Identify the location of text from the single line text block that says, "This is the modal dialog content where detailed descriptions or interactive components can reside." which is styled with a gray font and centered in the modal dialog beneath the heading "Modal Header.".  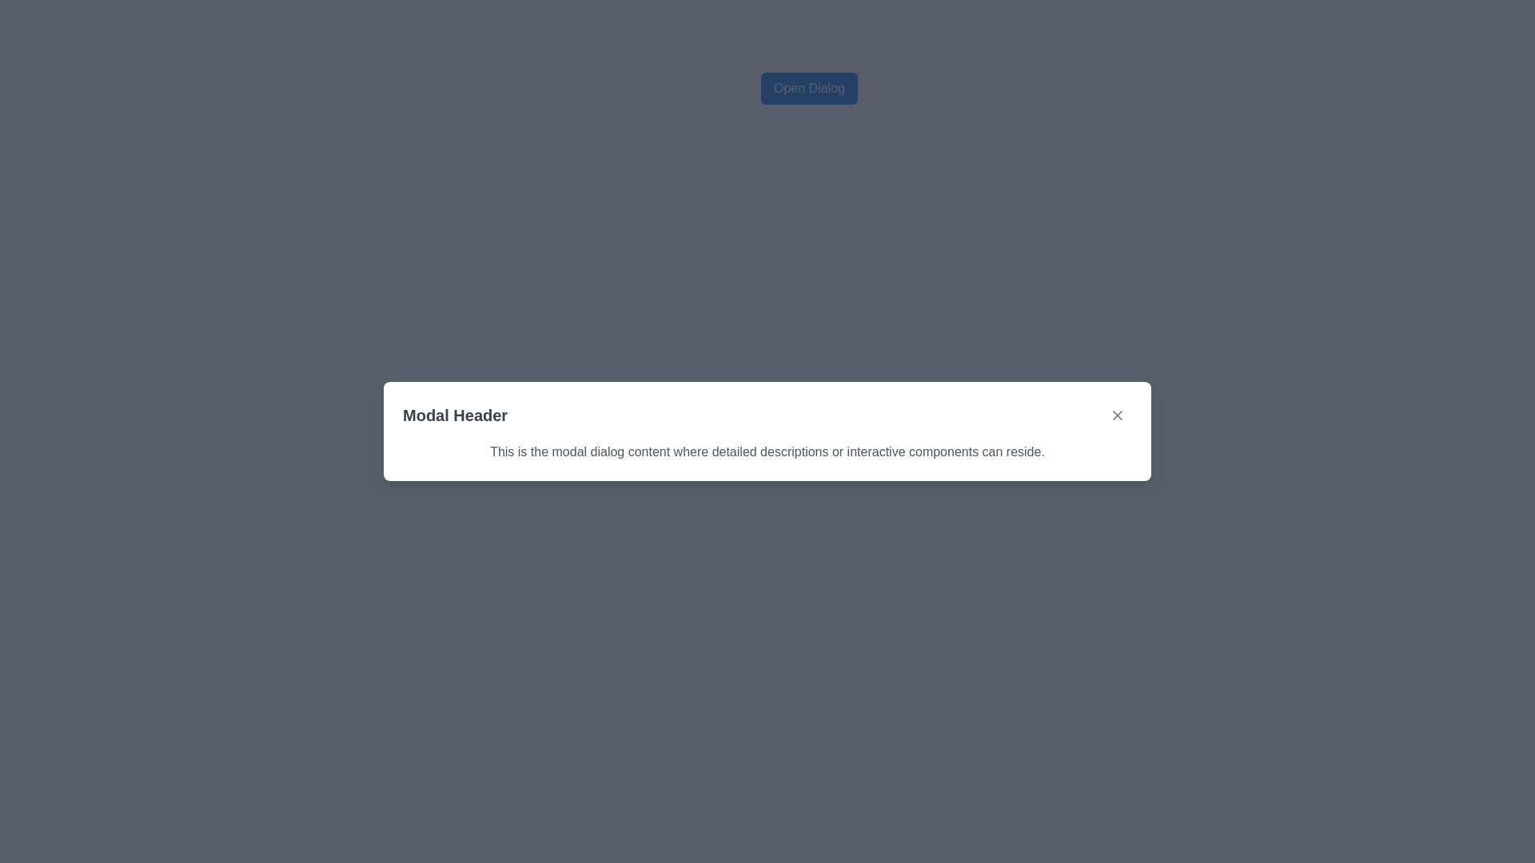
(767, 452).